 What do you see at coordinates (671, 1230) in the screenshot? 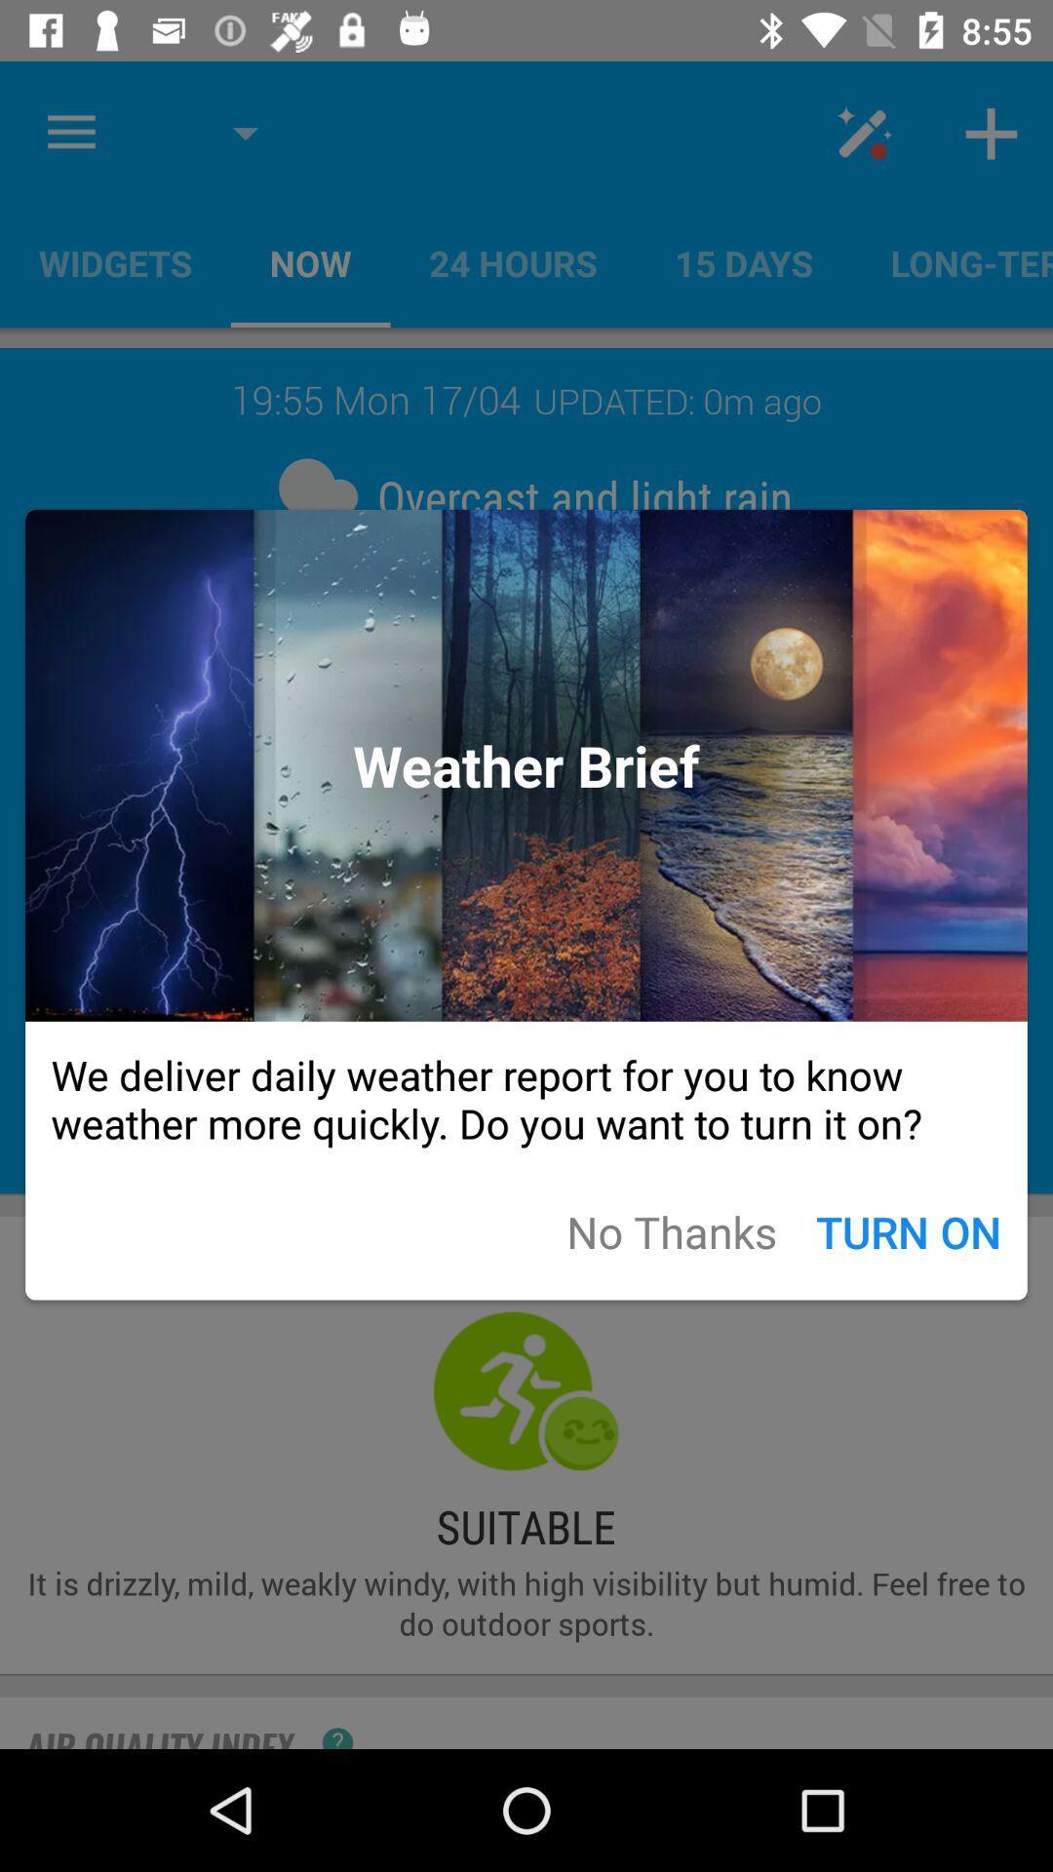
I see `no thanks icon` at bounding box center [671, 1230].